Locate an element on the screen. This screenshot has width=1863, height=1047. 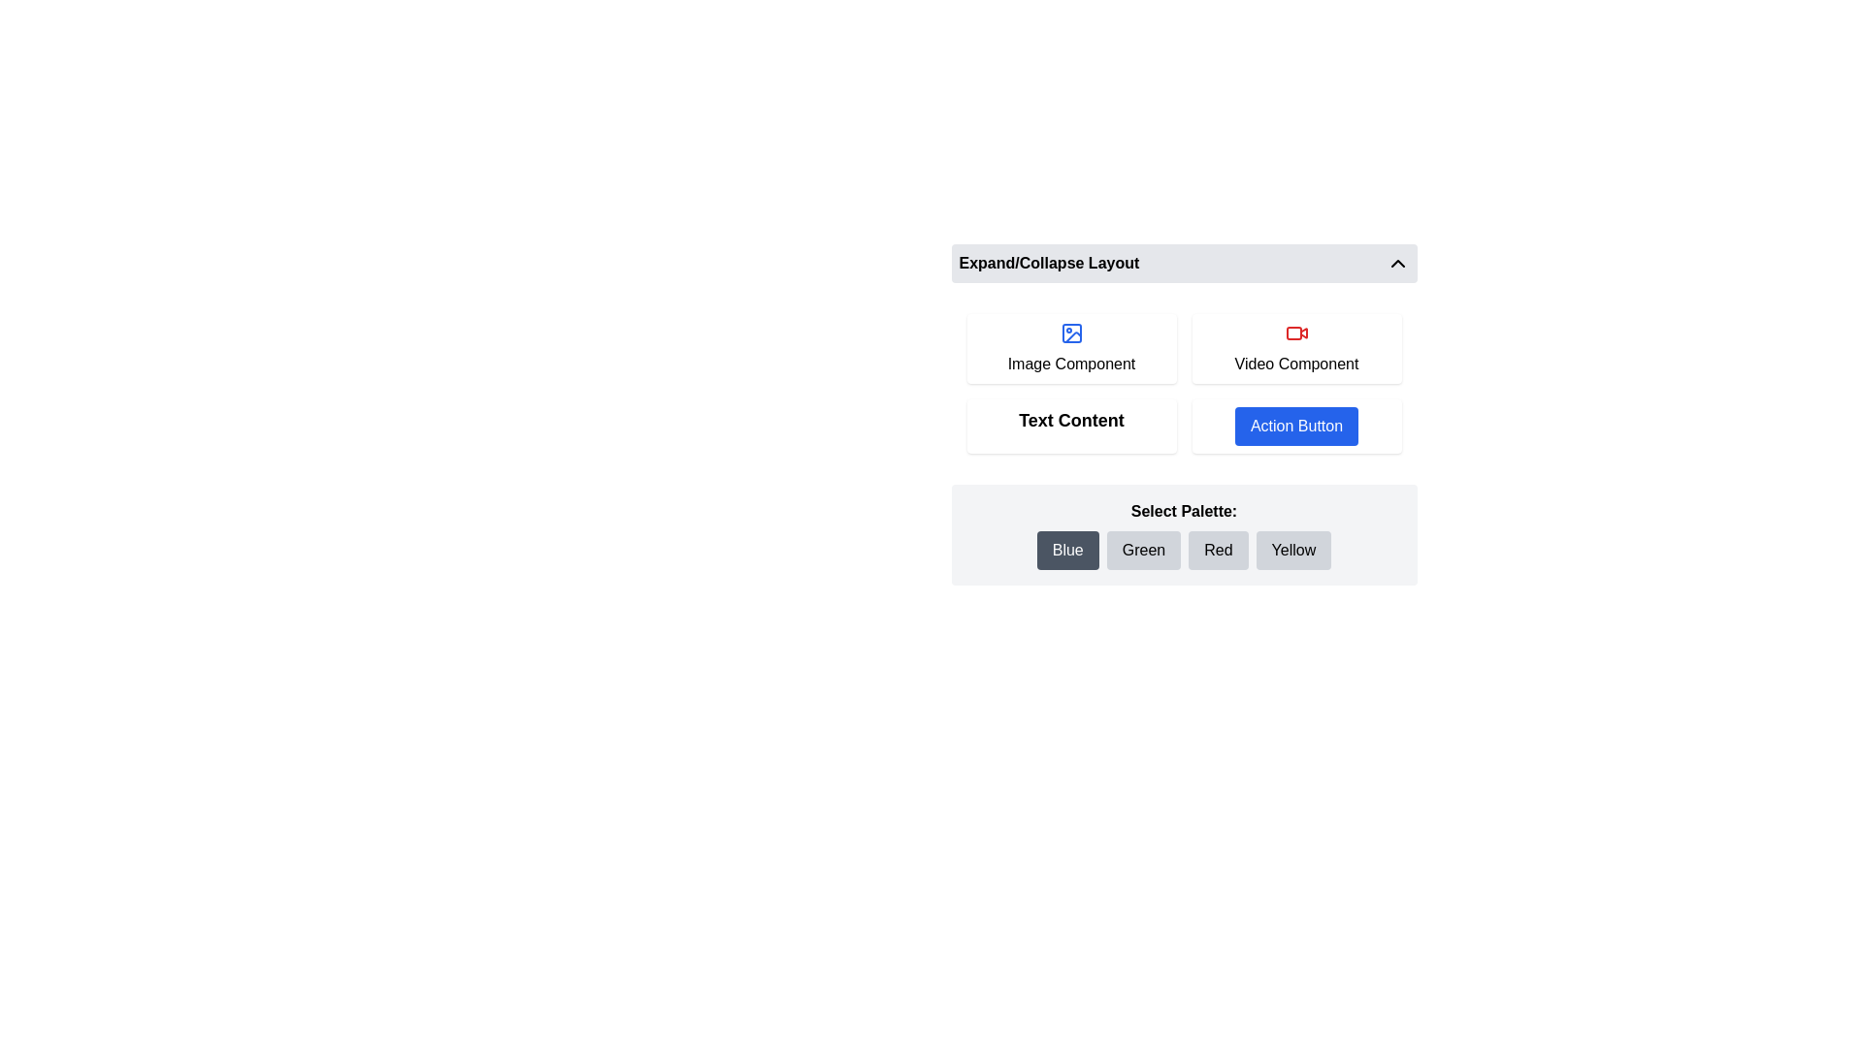
the toggle button located at the top of the layout group is located at coordinates (1183, 264).